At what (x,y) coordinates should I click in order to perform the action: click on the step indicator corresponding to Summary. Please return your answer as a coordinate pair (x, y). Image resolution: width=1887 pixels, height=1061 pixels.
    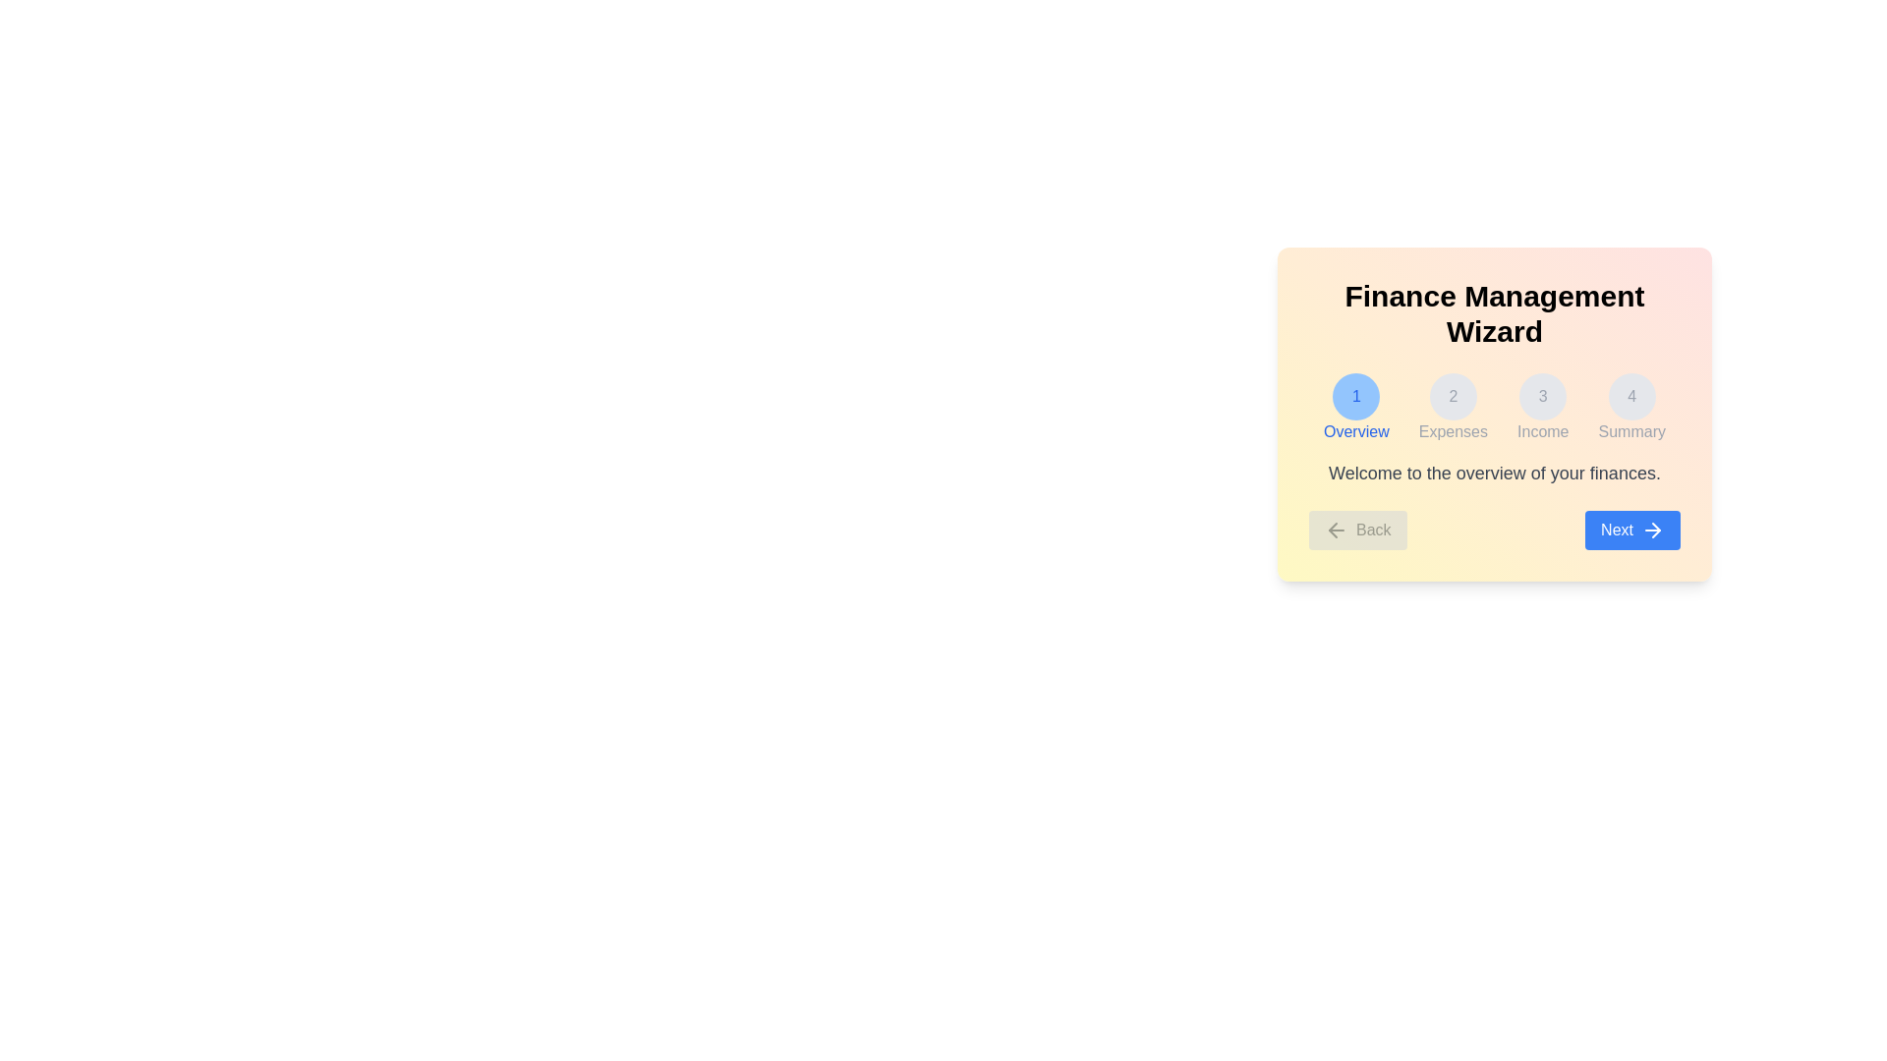
    Looking at the image, I should click on (1631, 408).